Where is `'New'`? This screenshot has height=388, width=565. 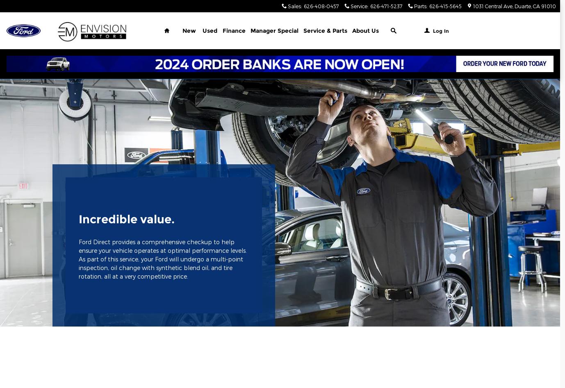
'New' is located at coordinates (189, 31).